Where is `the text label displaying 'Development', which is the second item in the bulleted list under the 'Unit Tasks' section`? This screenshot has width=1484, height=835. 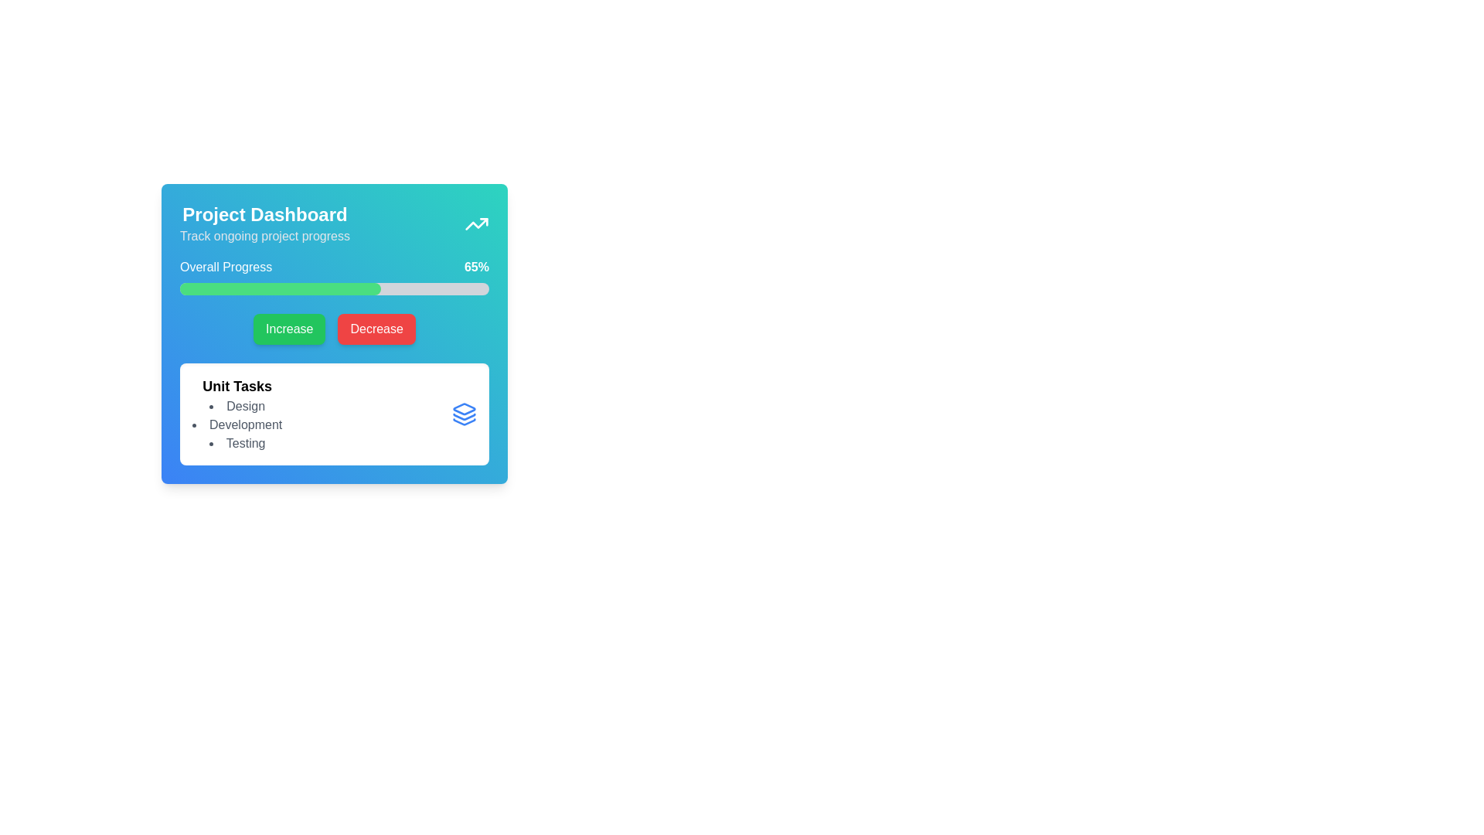
the text label displaying 'Development', which is the second item in the bulleted list under the 'Unit Tasks' section is located at coordinates (237, 425).